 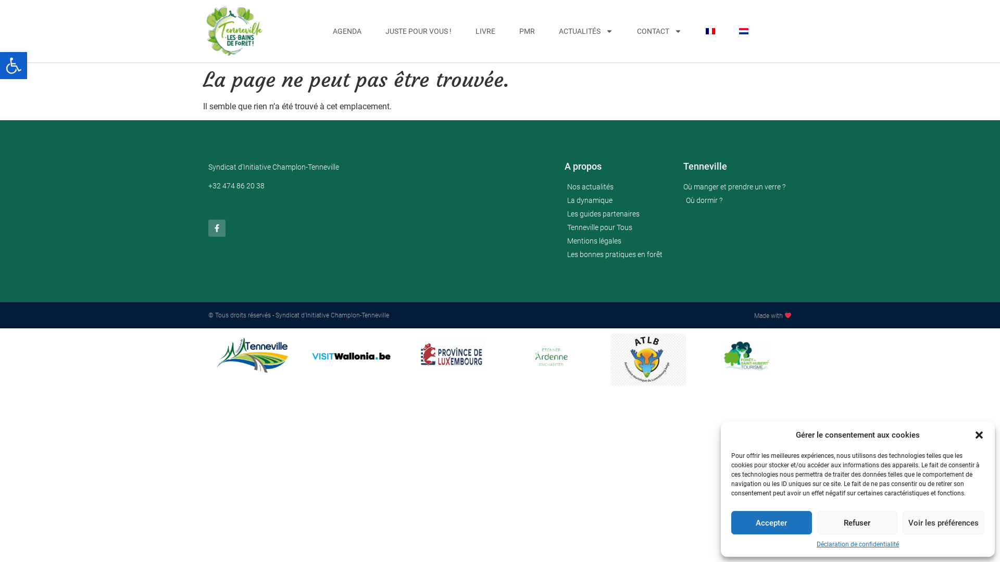 I want to click on 'atlb', so click(x=647, y=359).